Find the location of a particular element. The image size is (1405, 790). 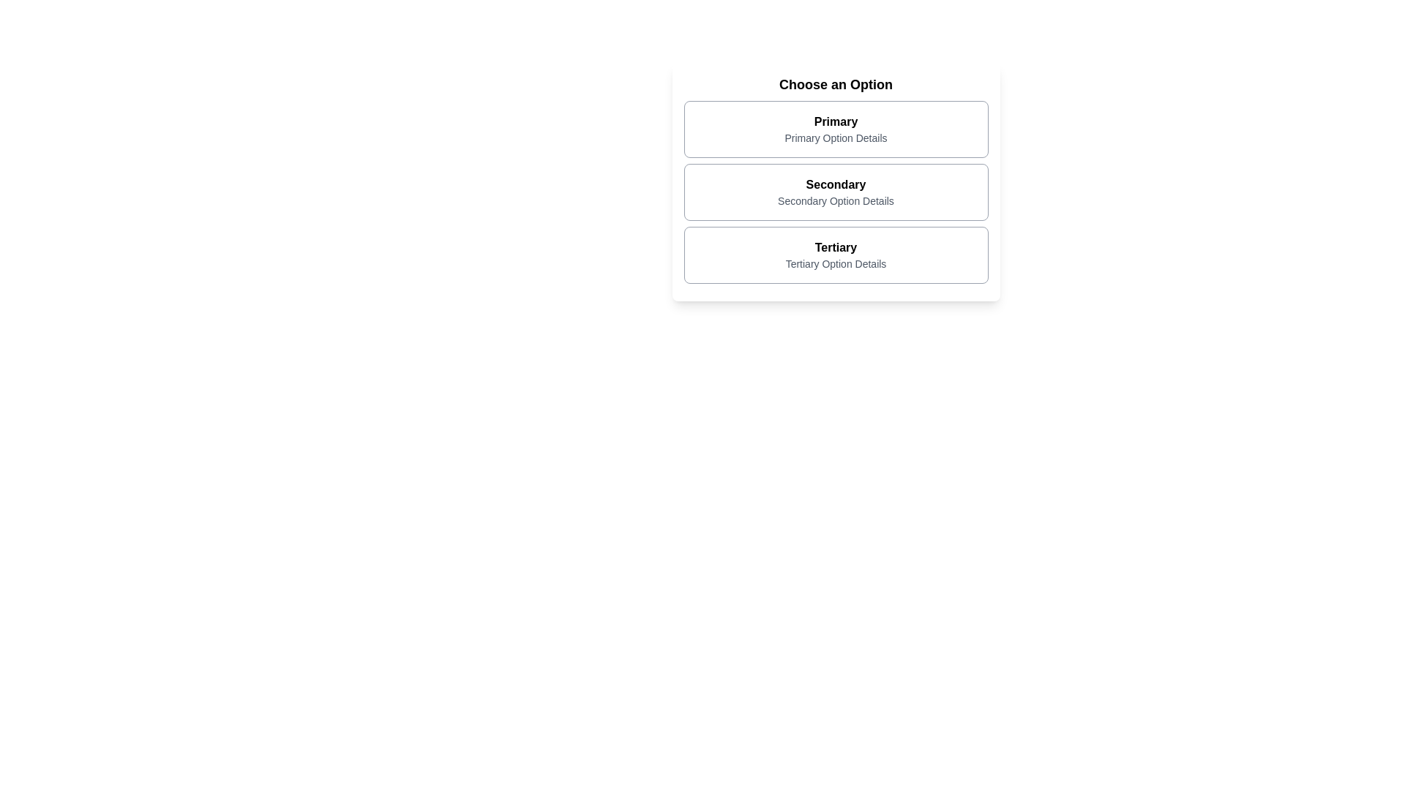

the first selectable card option labeled 'Primary' in the list under the heading 'Choose an Option' is located at coordinates (836, 129).